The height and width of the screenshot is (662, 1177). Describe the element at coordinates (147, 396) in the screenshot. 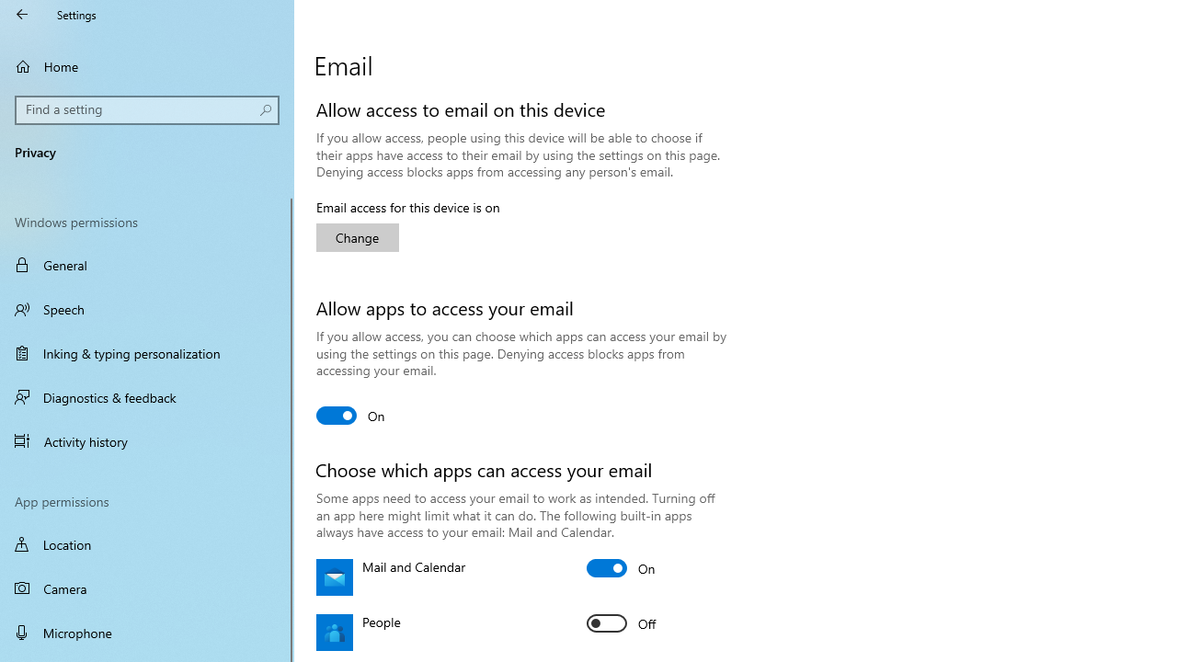

I see `'Diagnostics & feedback'` at that location.